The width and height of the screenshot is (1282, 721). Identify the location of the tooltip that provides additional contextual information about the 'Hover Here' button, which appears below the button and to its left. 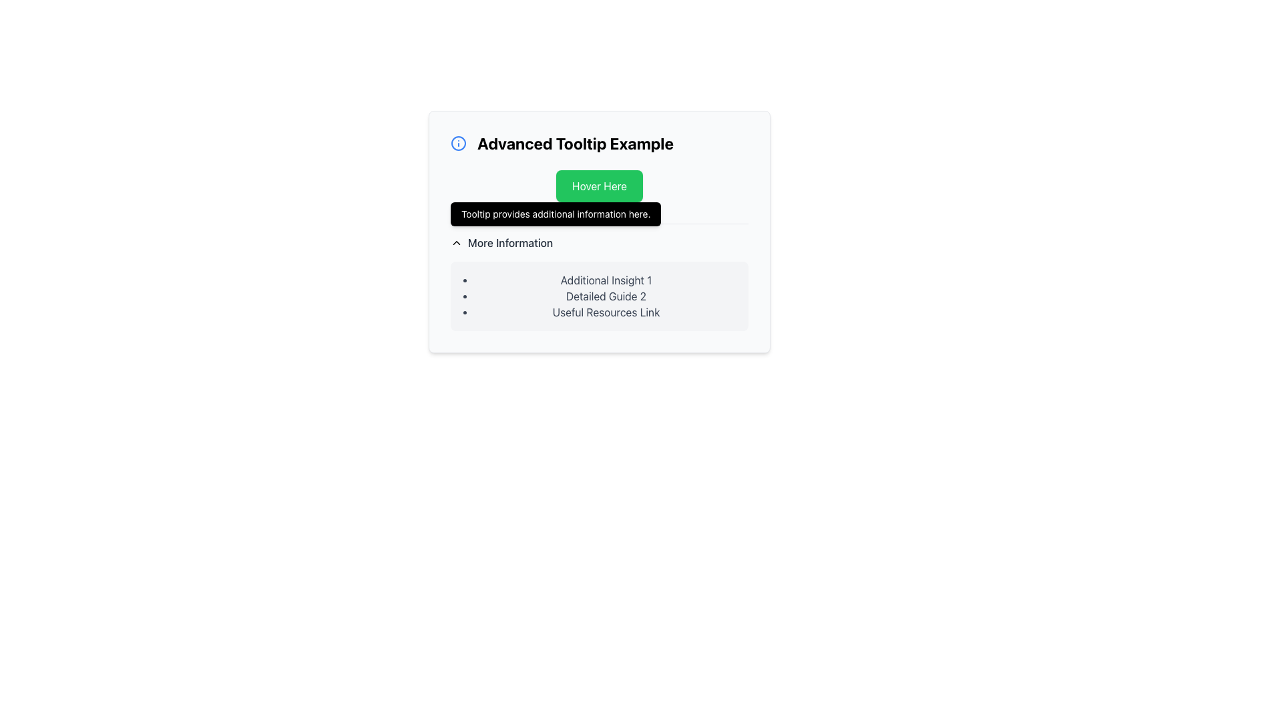
(556, 213).